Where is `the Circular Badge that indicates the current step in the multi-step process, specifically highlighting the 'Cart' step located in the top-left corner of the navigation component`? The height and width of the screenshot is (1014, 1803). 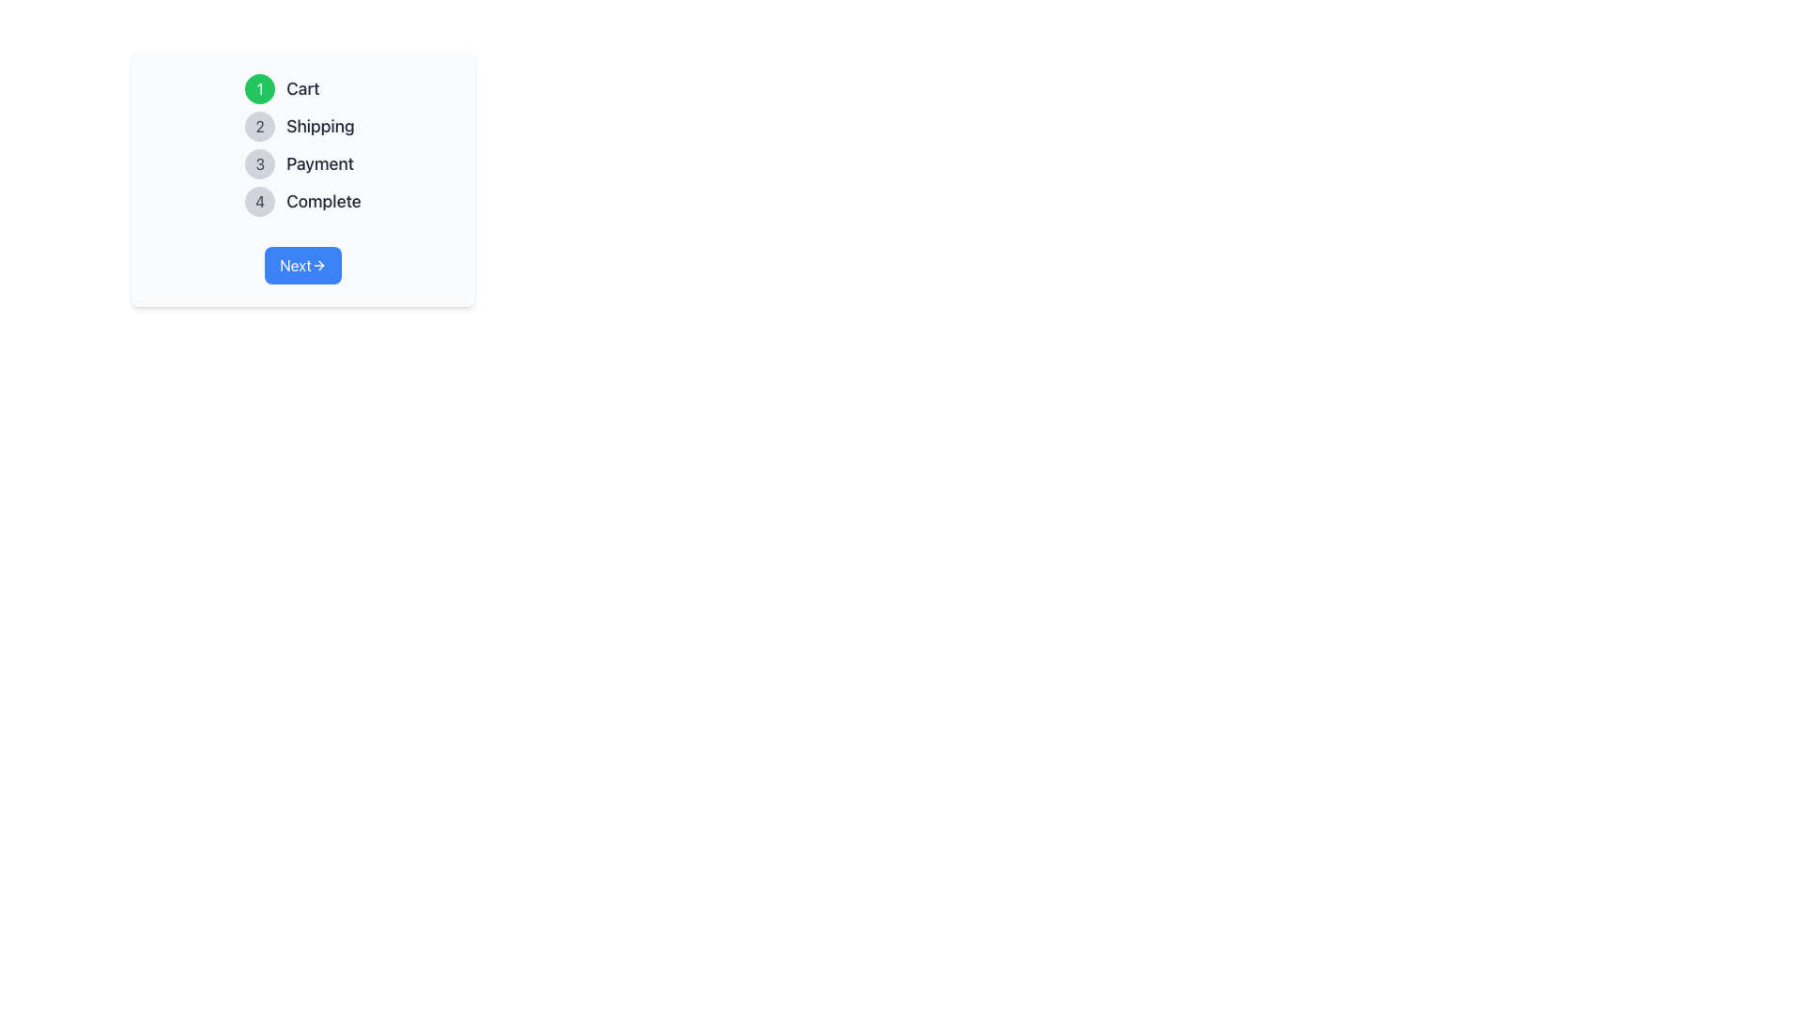
the Circular Badge that indicates the current step in the multi-step process, specifically highlighting the 'Cart' step located in the top-left corner of the navigation component is located at coordinates (259, 89).